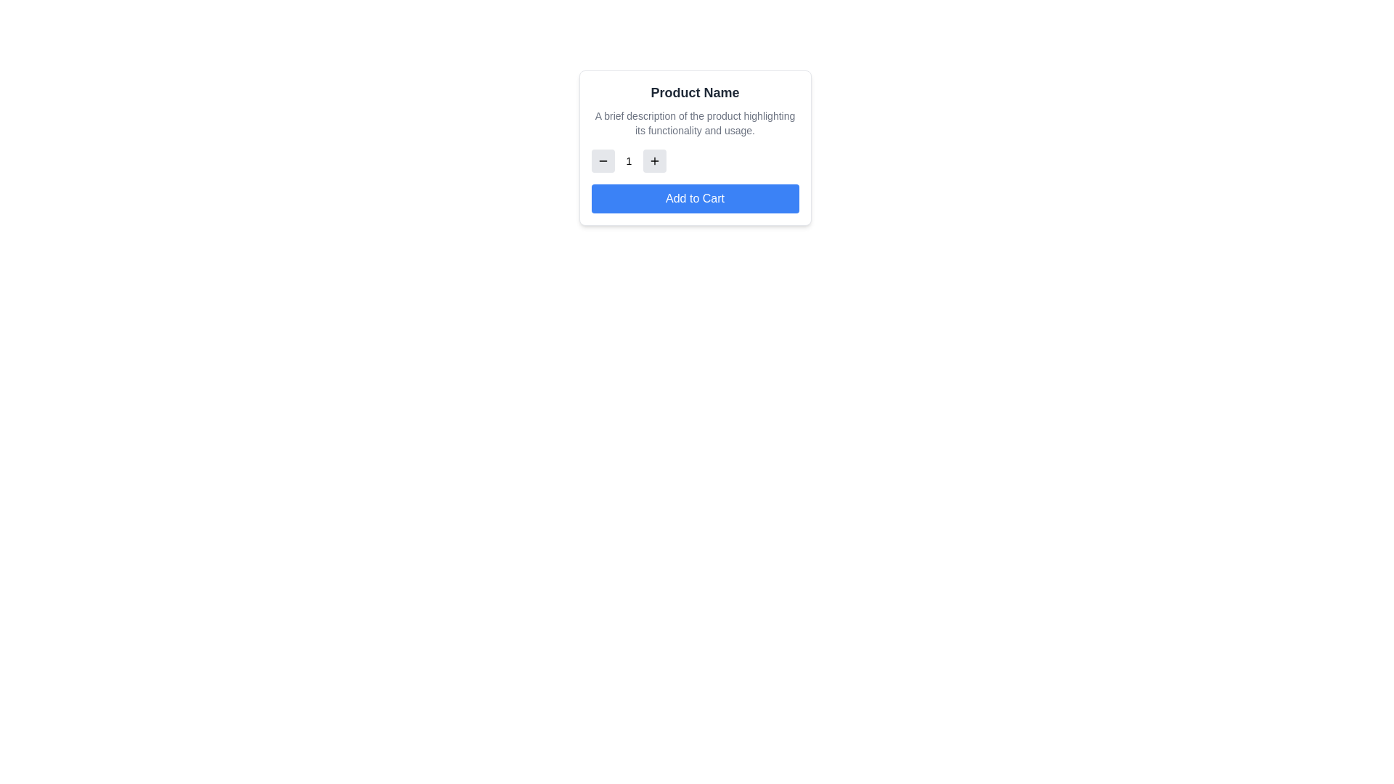  Describe the element at coordinates (654, 161) in the screenshot. I see `the third button with a plus symbol in a horizontal group below the product description` at that location.